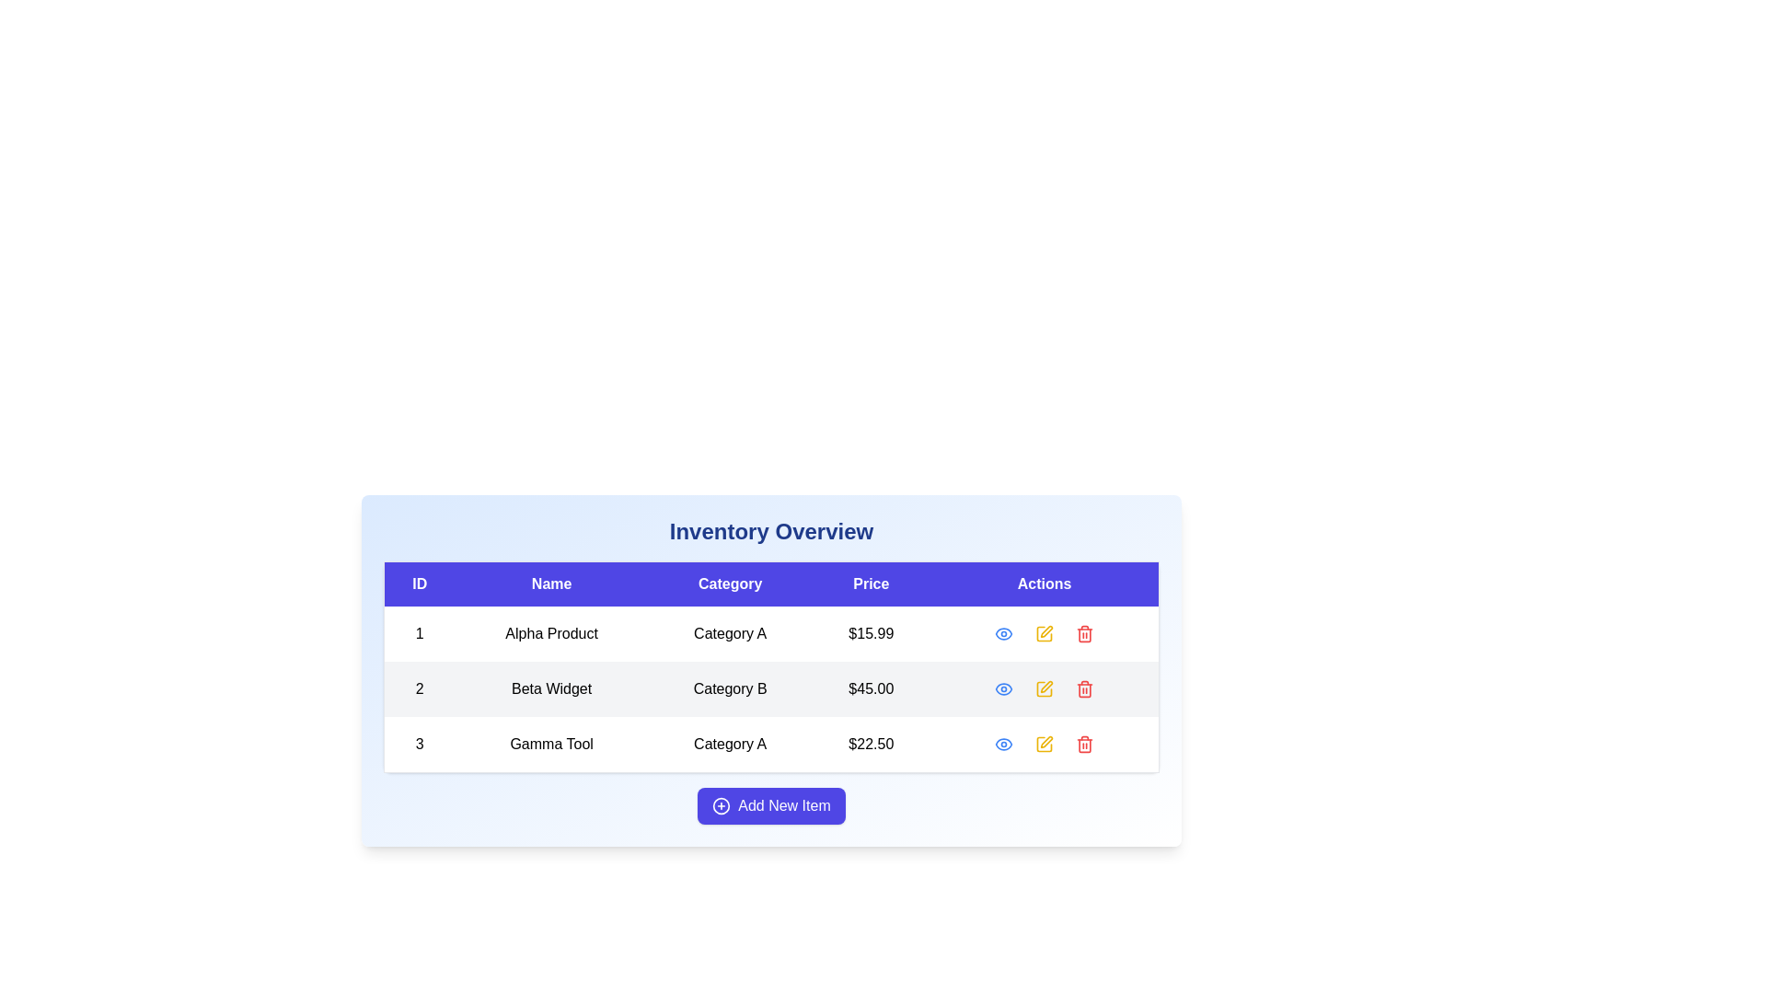 This screenshot has width=1767, height=994. I want to click on the delete icon button located in the 'Actions' column of the third row in the table, so click(1085, 744).